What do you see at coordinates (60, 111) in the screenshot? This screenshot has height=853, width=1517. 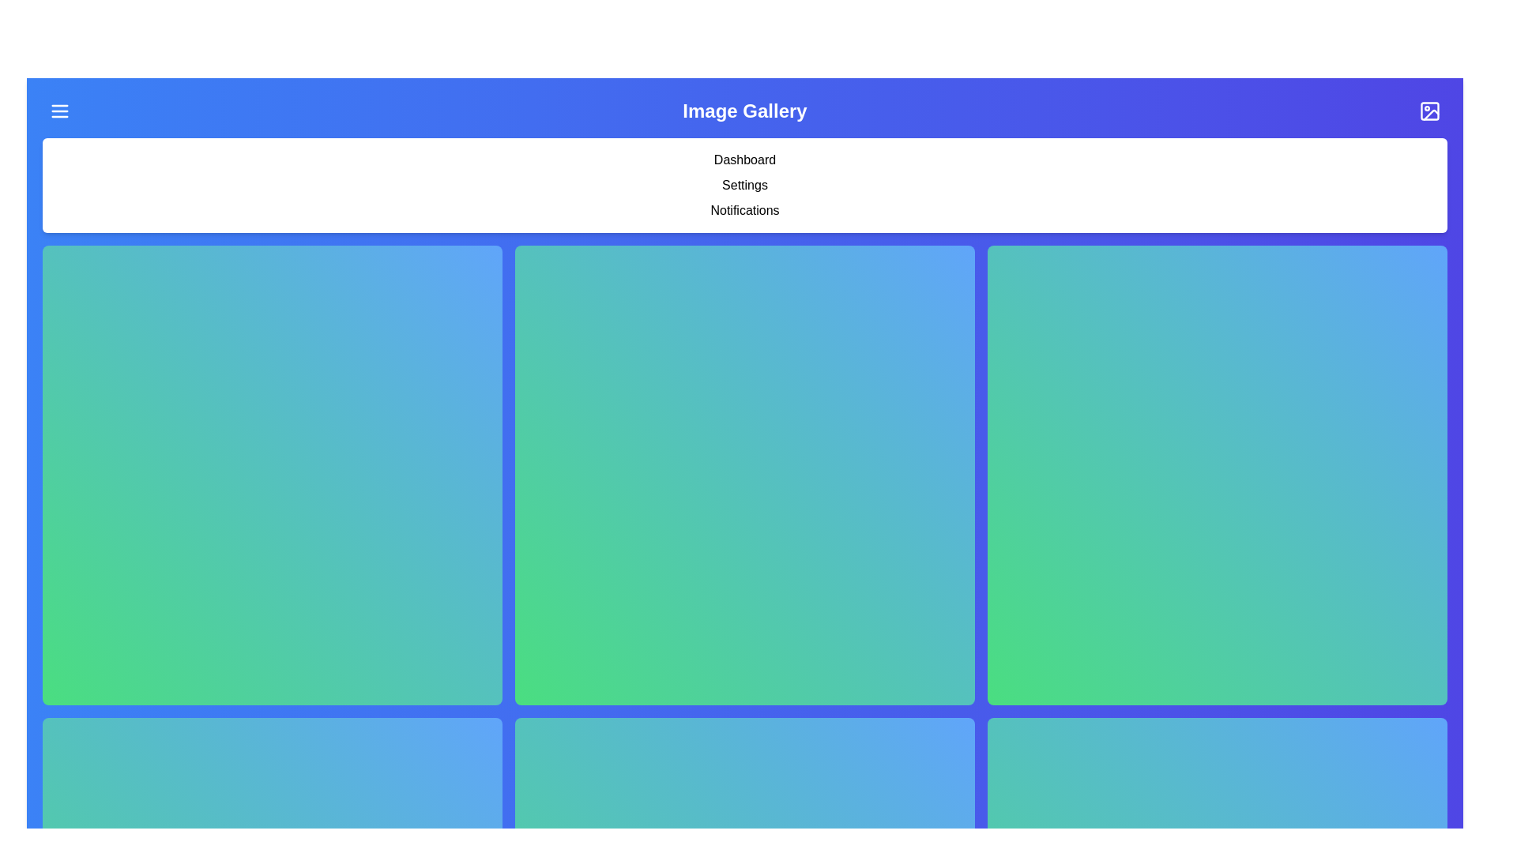 I see `the menu button to toggle the navigation menu` at bounding box center [60, 111].